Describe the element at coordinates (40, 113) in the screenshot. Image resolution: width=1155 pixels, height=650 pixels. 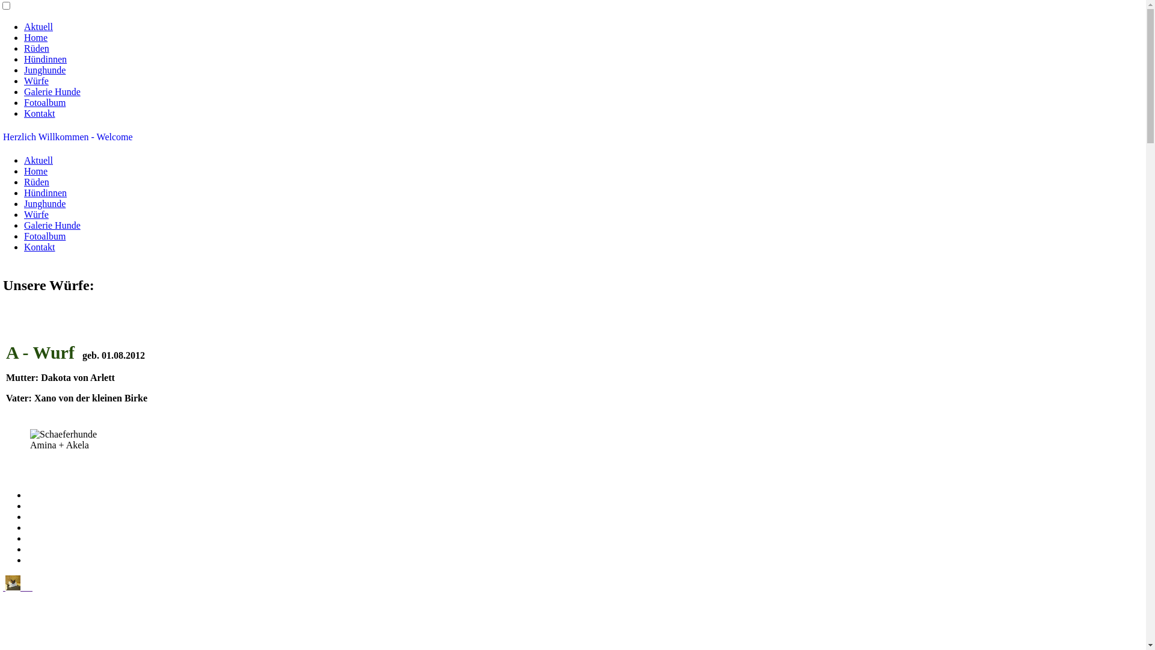
I see `'Kontakt'` at that location.